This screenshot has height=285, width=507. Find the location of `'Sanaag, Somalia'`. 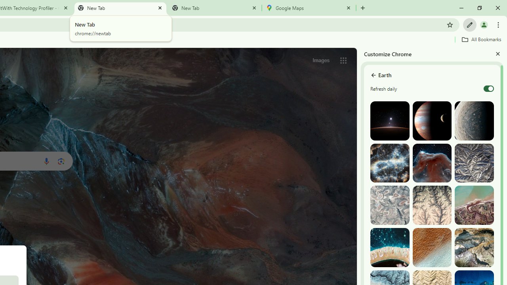

'Sanaag, Somalia' is located at coordinates (431, 205).